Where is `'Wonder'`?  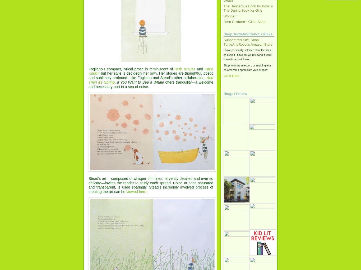
'Wonder' is located at coordinates (229, 16).